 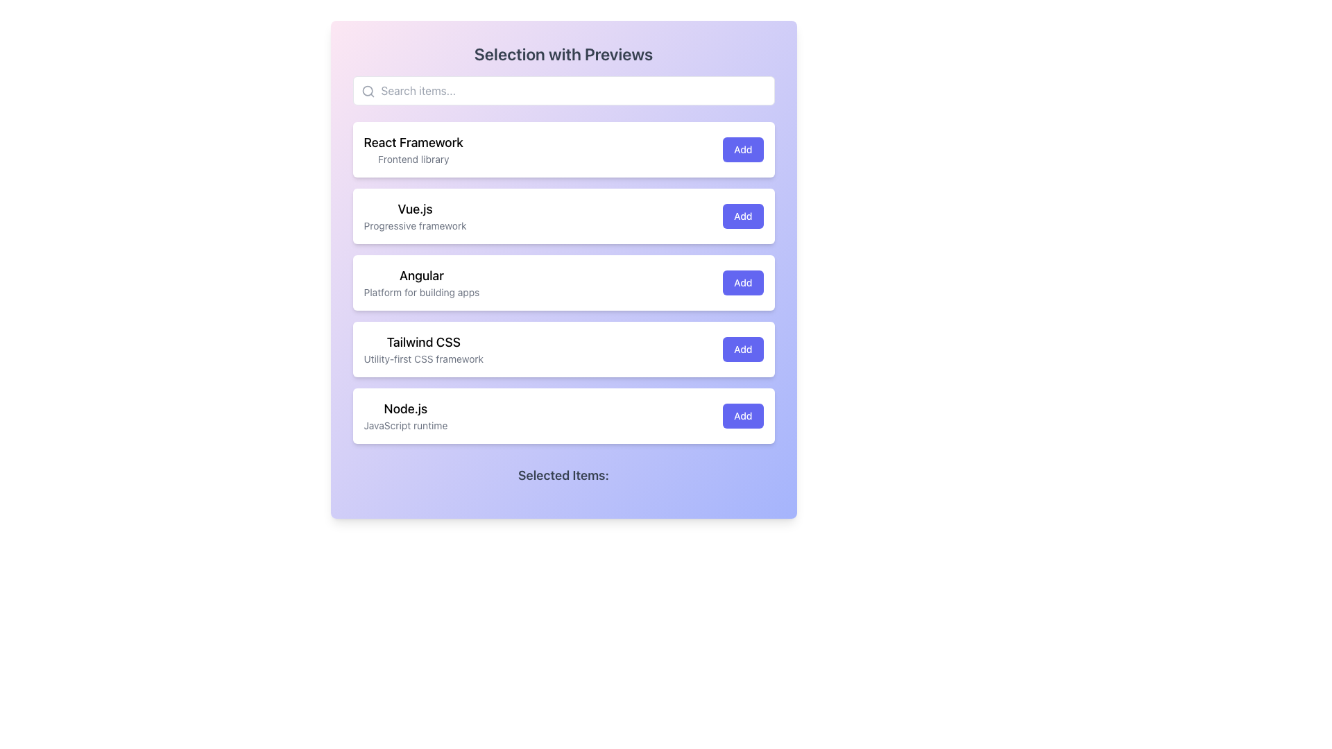 What do you see at coordinates (404, 408) in the screenshot?
I see `the 'Node.js' title text label in the fifth card` at bounding box center [404, 408].